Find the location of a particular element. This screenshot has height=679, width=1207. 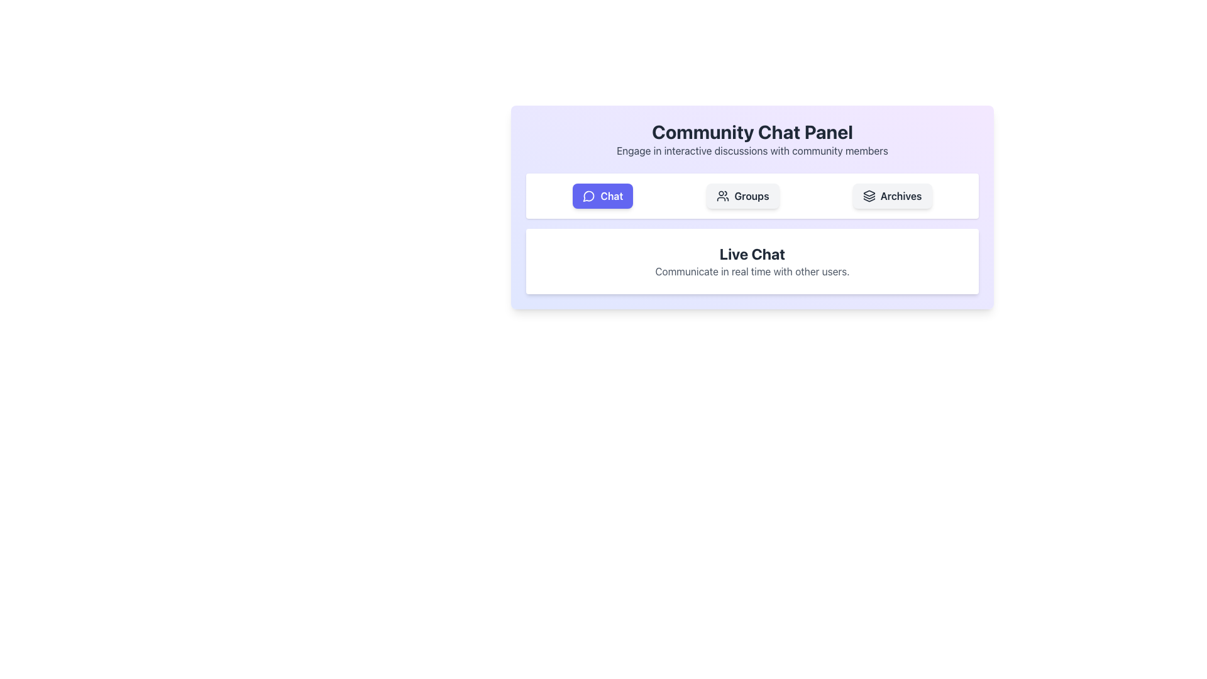

the 'Archives' button, which is a rectangular button with rounded corners, light gray background, and bold dark gray text, positioned at the far right of the row under the 'Community Chat Panel' is located at coordinates (891, 196).